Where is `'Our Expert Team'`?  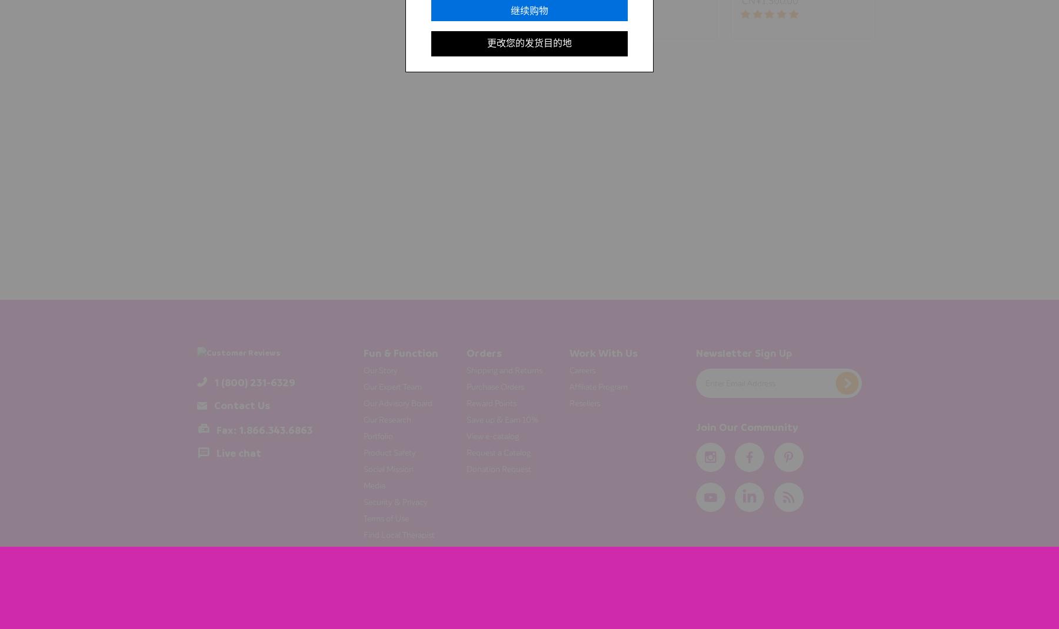 'Our Expert Team' is located at coordinates (392, 386).